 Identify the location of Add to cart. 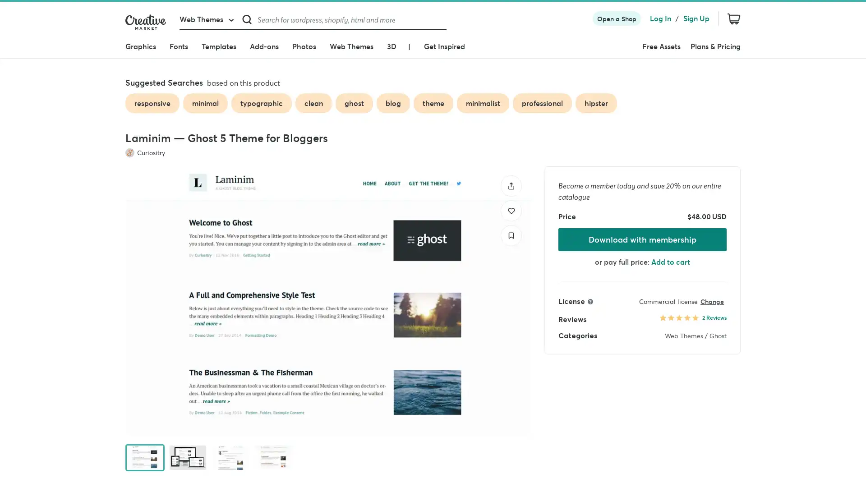
(671, 261).